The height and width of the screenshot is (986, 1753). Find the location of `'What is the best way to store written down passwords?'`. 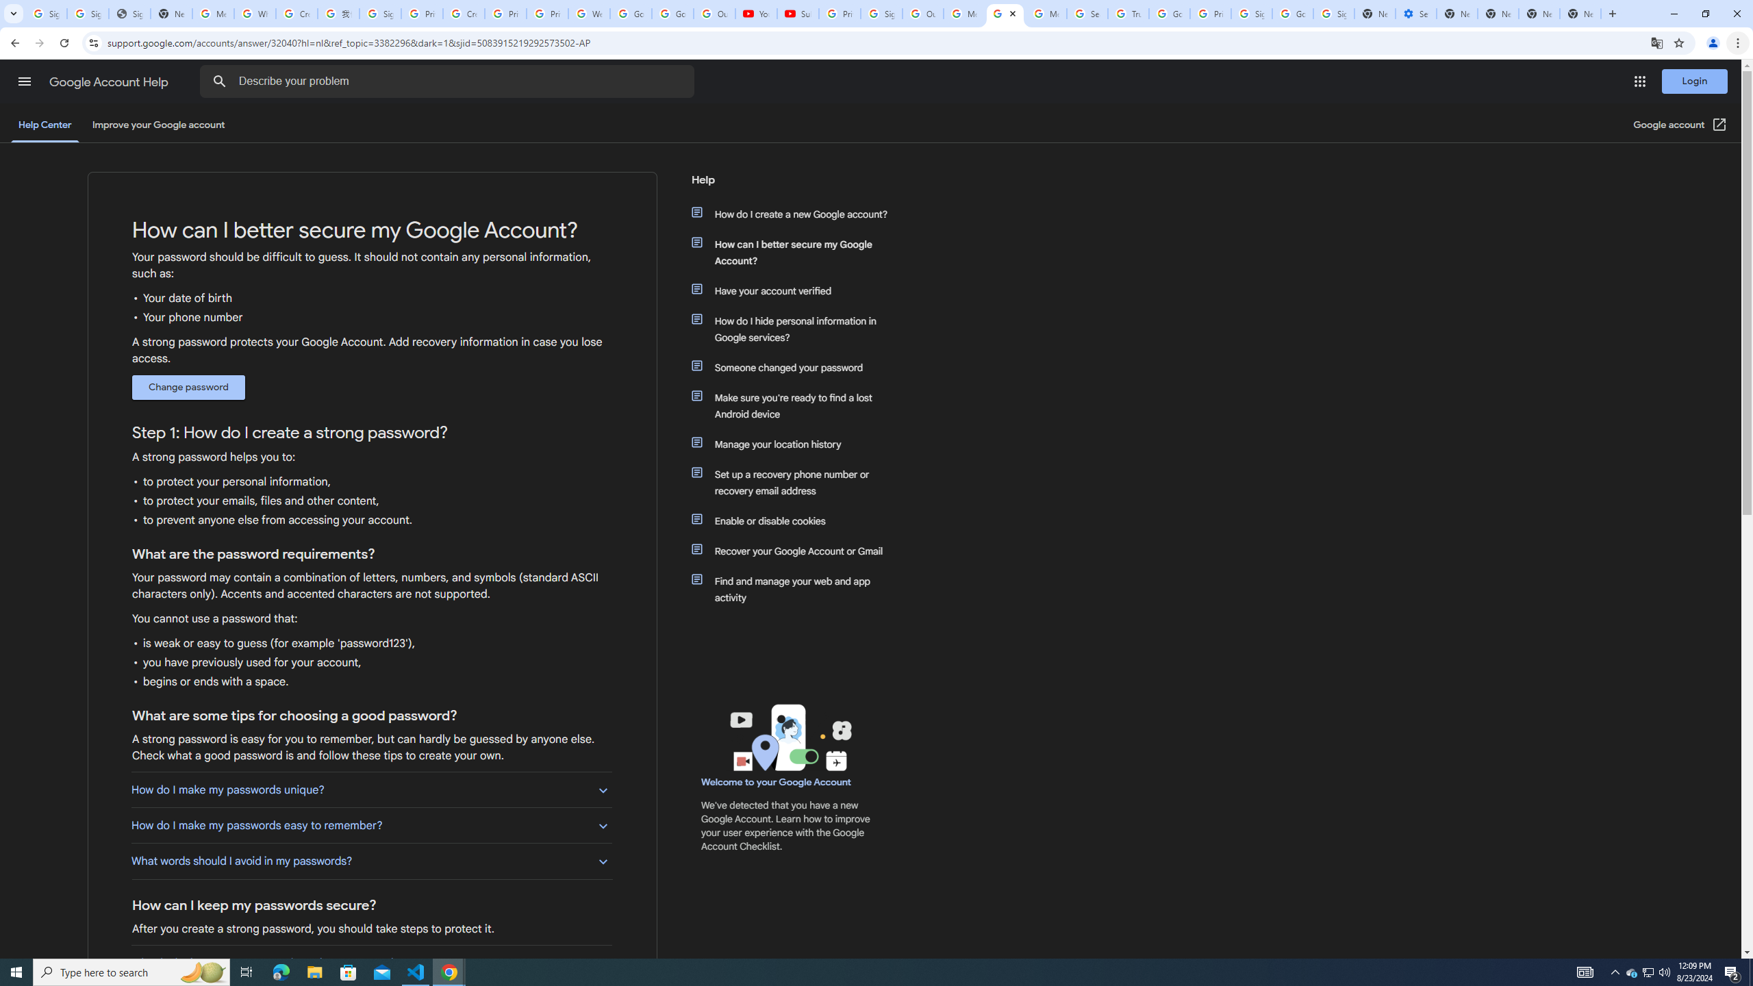

'What is the best way to store written down passwords?' is located at coordinates (371, 962).